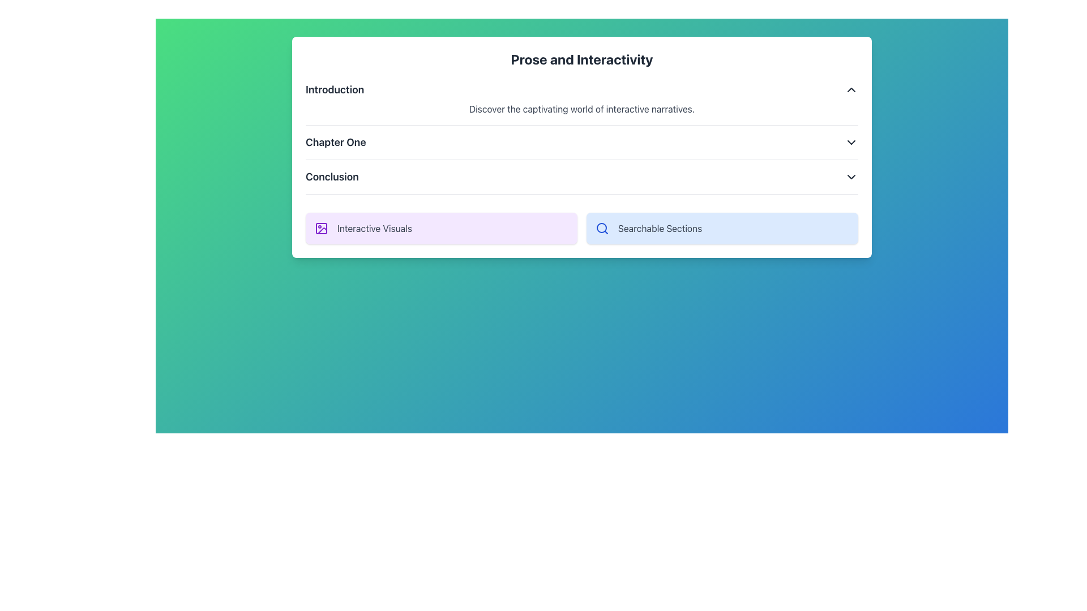 The image size is (1087, 611). Describe the element at coordinates (581, 109) in the screenshot. I see `the introductory description text located directly below the 'Introduction' label, which enhances the user's understanding of the section's content` at that location.